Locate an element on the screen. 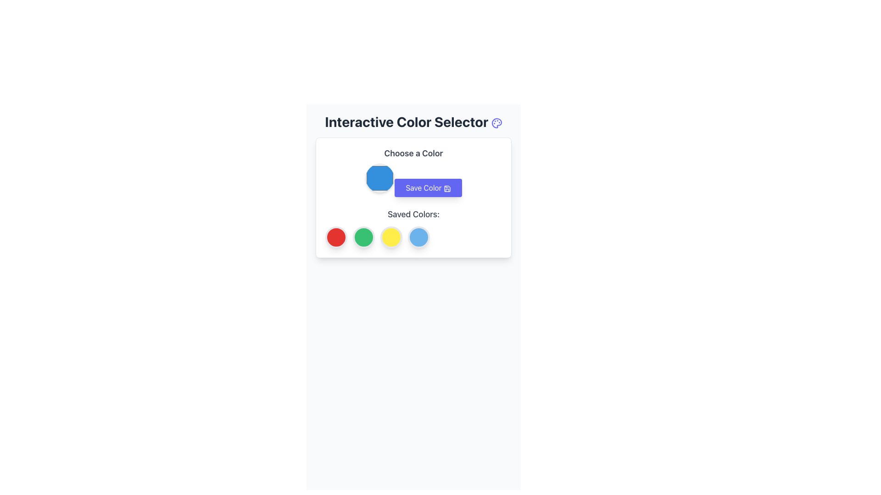 The height and width of the screenshot is (495, 881). the decorative icon located to the right of the 'Interactive Color Selector' title in the heading is located at coordinates (496, 123).